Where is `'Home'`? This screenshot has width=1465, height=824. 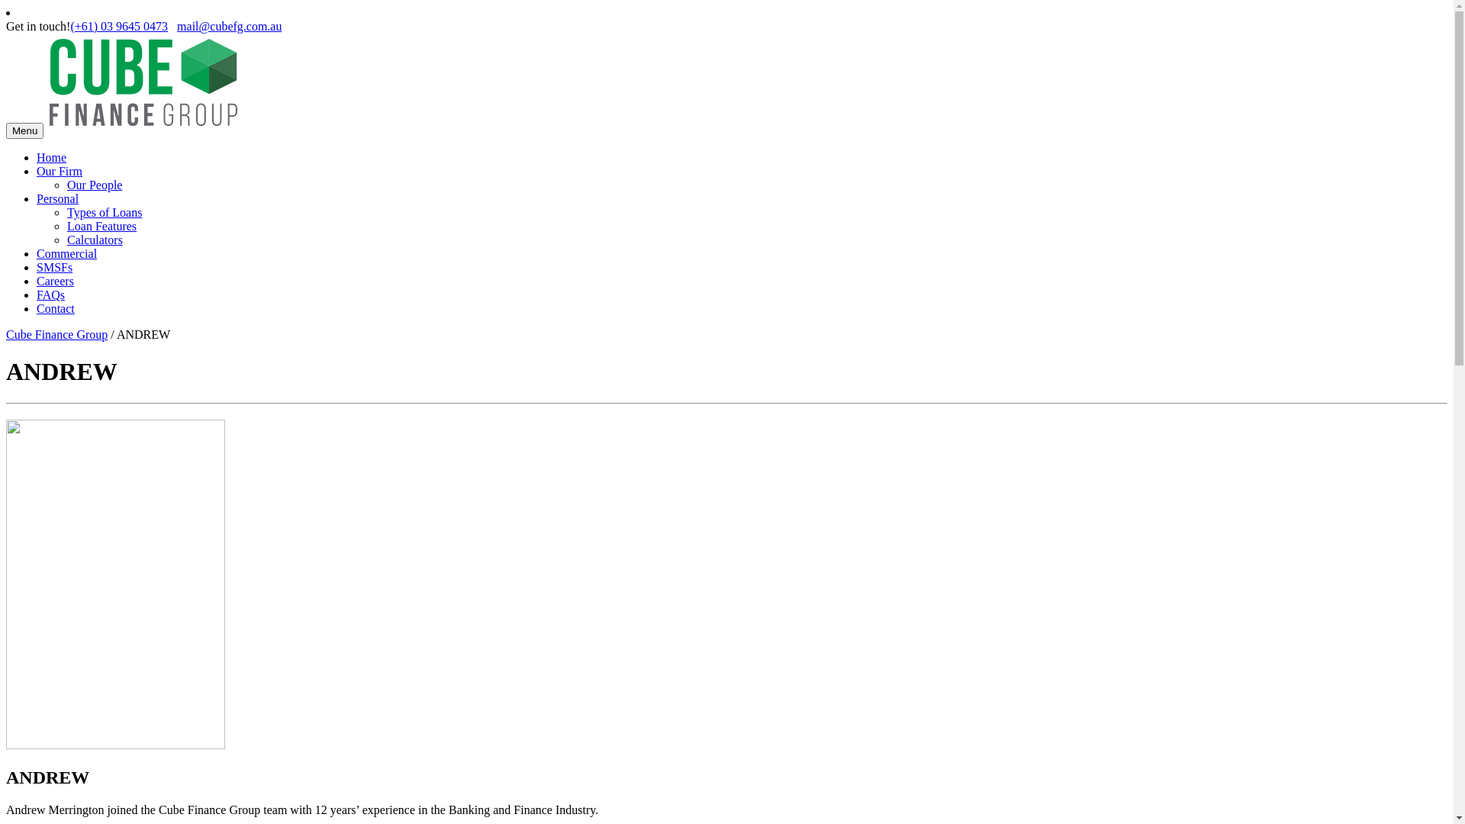
'Home' is located at coordinates (37, 157).